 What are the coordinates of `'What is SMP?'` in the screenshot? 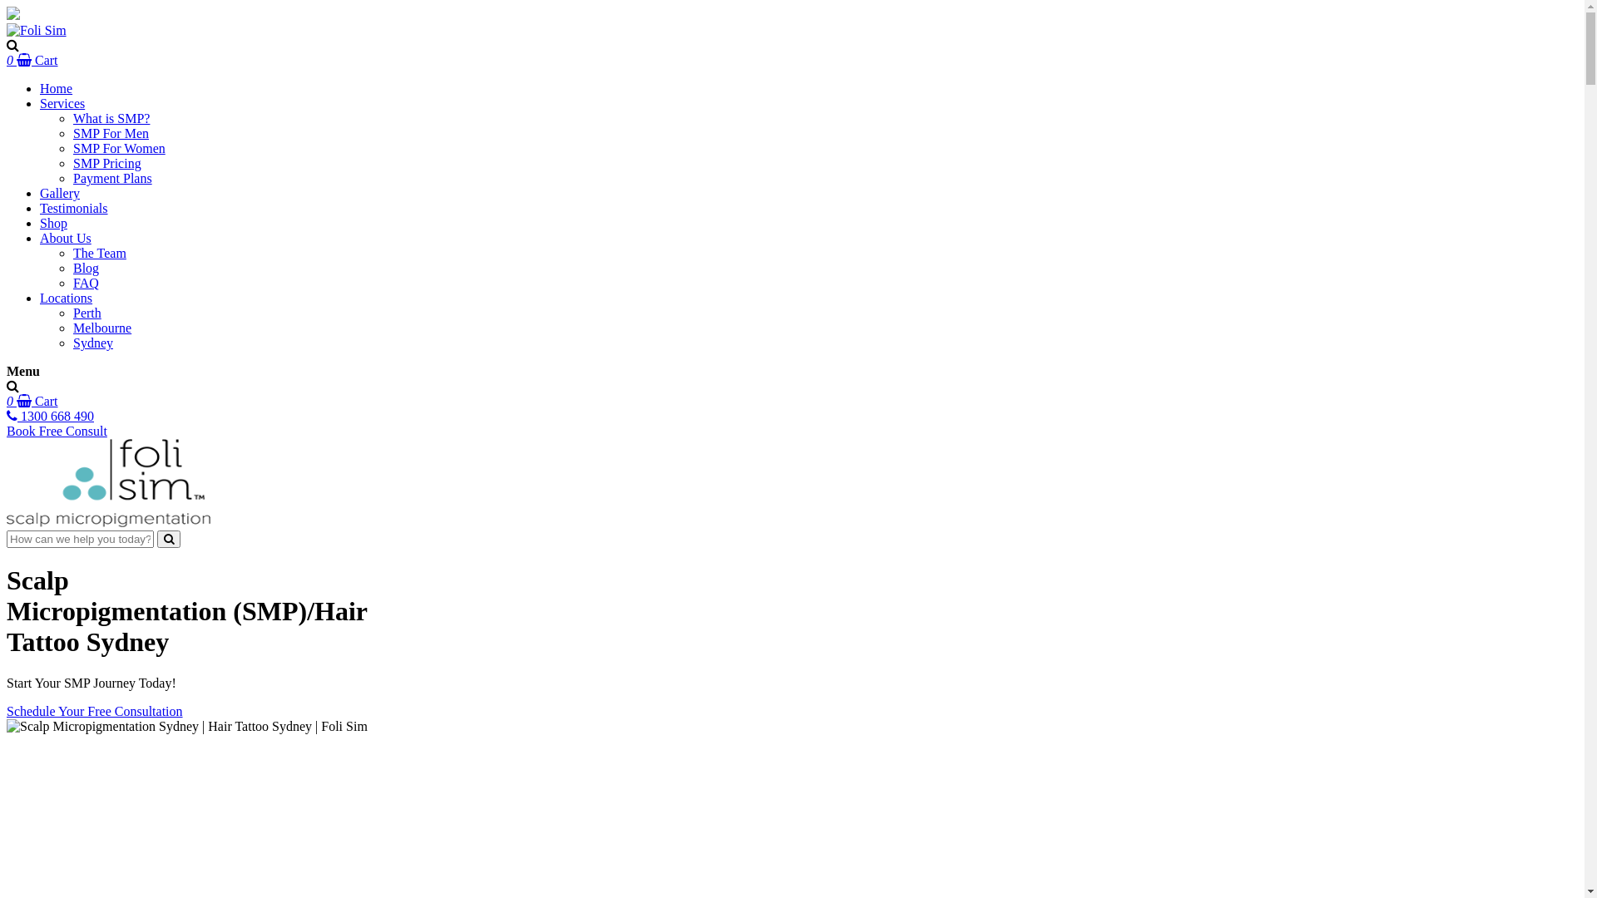 It's located at (111, 117).